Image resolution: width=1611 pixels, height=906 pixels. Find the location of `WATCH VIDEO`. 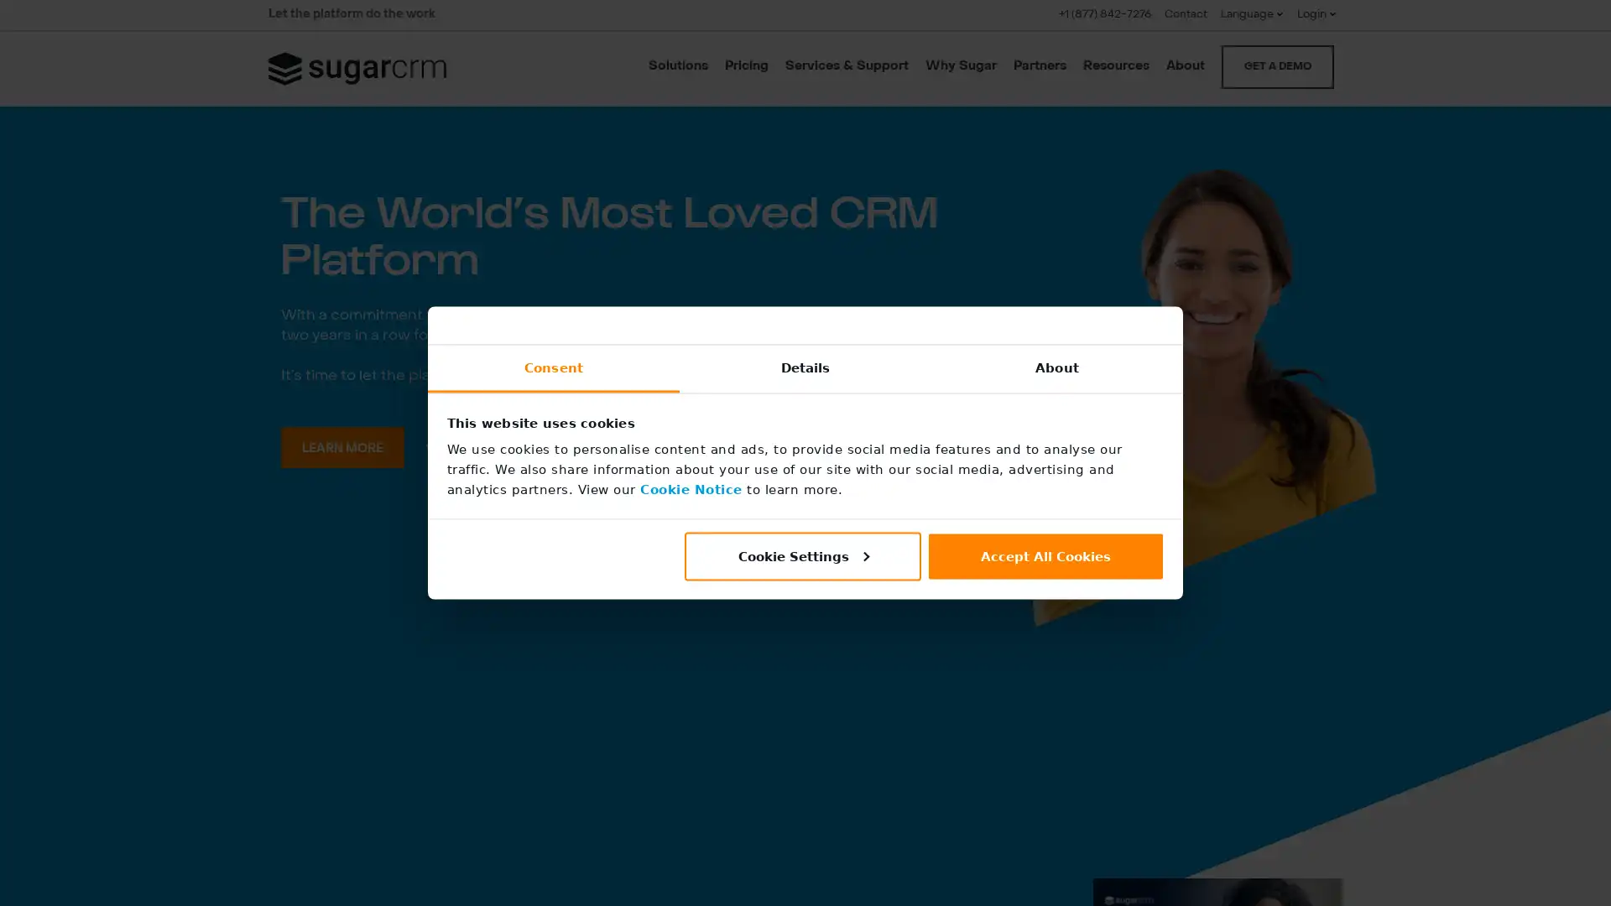

WATCH VIDEO is located at coordinates (474, 445).